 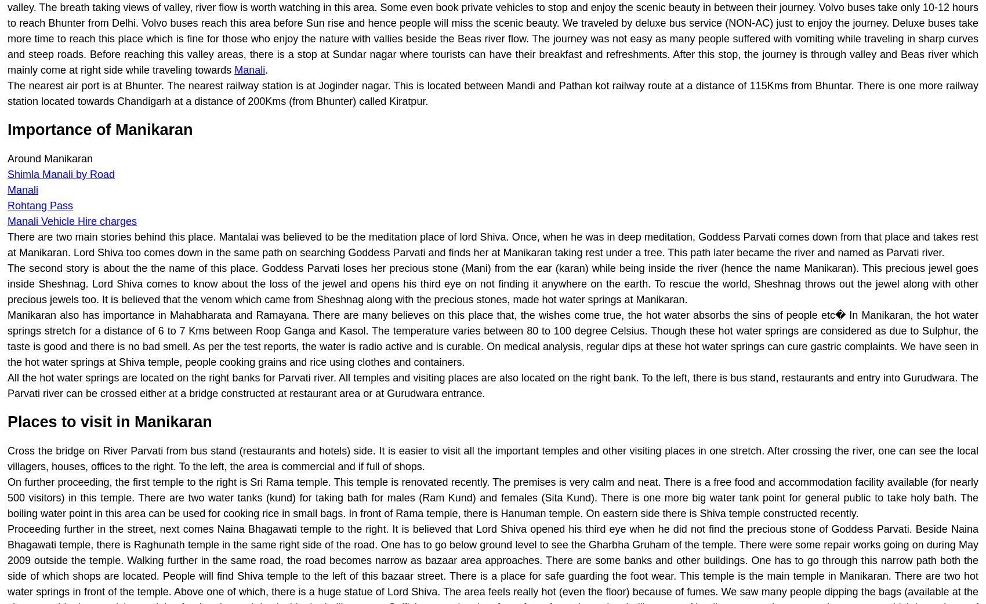 What do you see at coordinates (40, 204) in the screenshot?
I see `'Rohtang Pass'` at bounding box center [40, 204].